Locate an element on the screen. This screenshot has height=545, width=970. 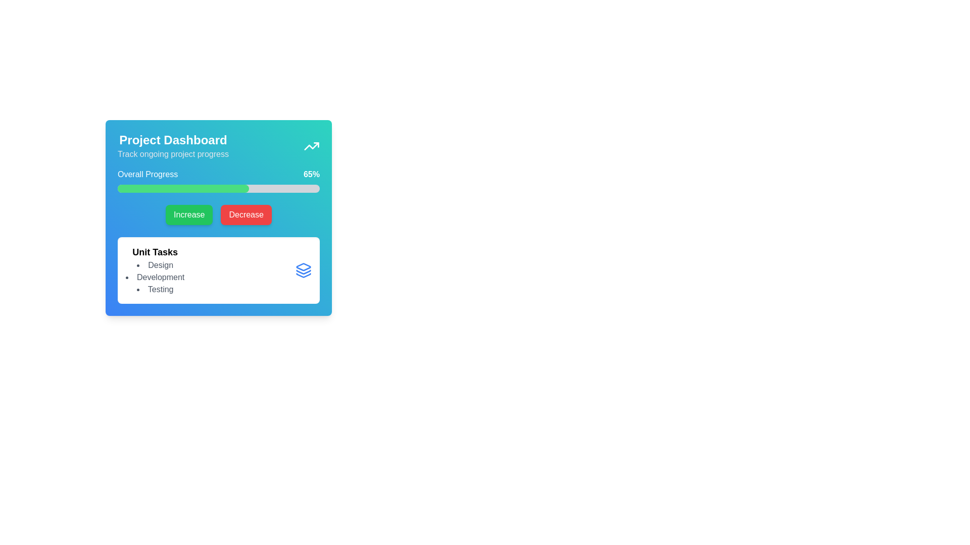
the text label that reads 'Track ongoing project progress', which is positioned directly below the 'Project Dashboard' header in a blue-green gradient background is located at coordinates (173, 154).